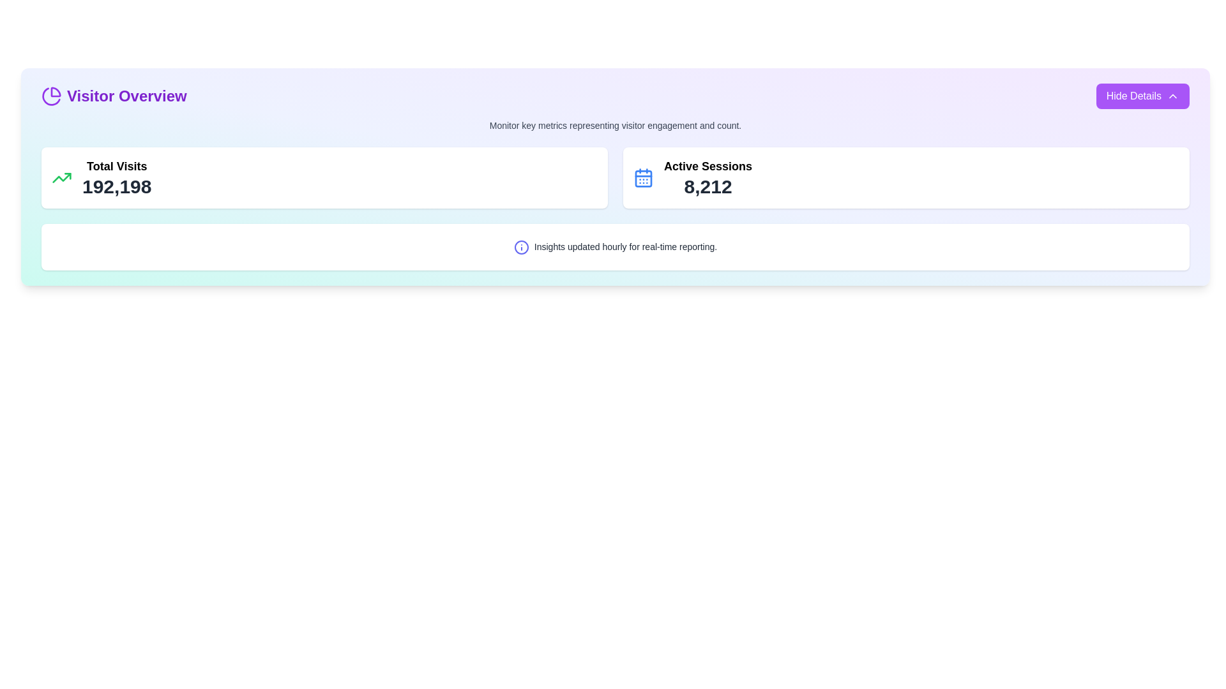 Image resolution: width=1226 pixels, height=689 pixels. What do you see at coordinates (707, 166) in the screenshot?
I see `text of the Text Label that provides context to the numerical information ('8,212') displayed below it in the 'Visitor Overview' section` at bounding box center [707, 166].